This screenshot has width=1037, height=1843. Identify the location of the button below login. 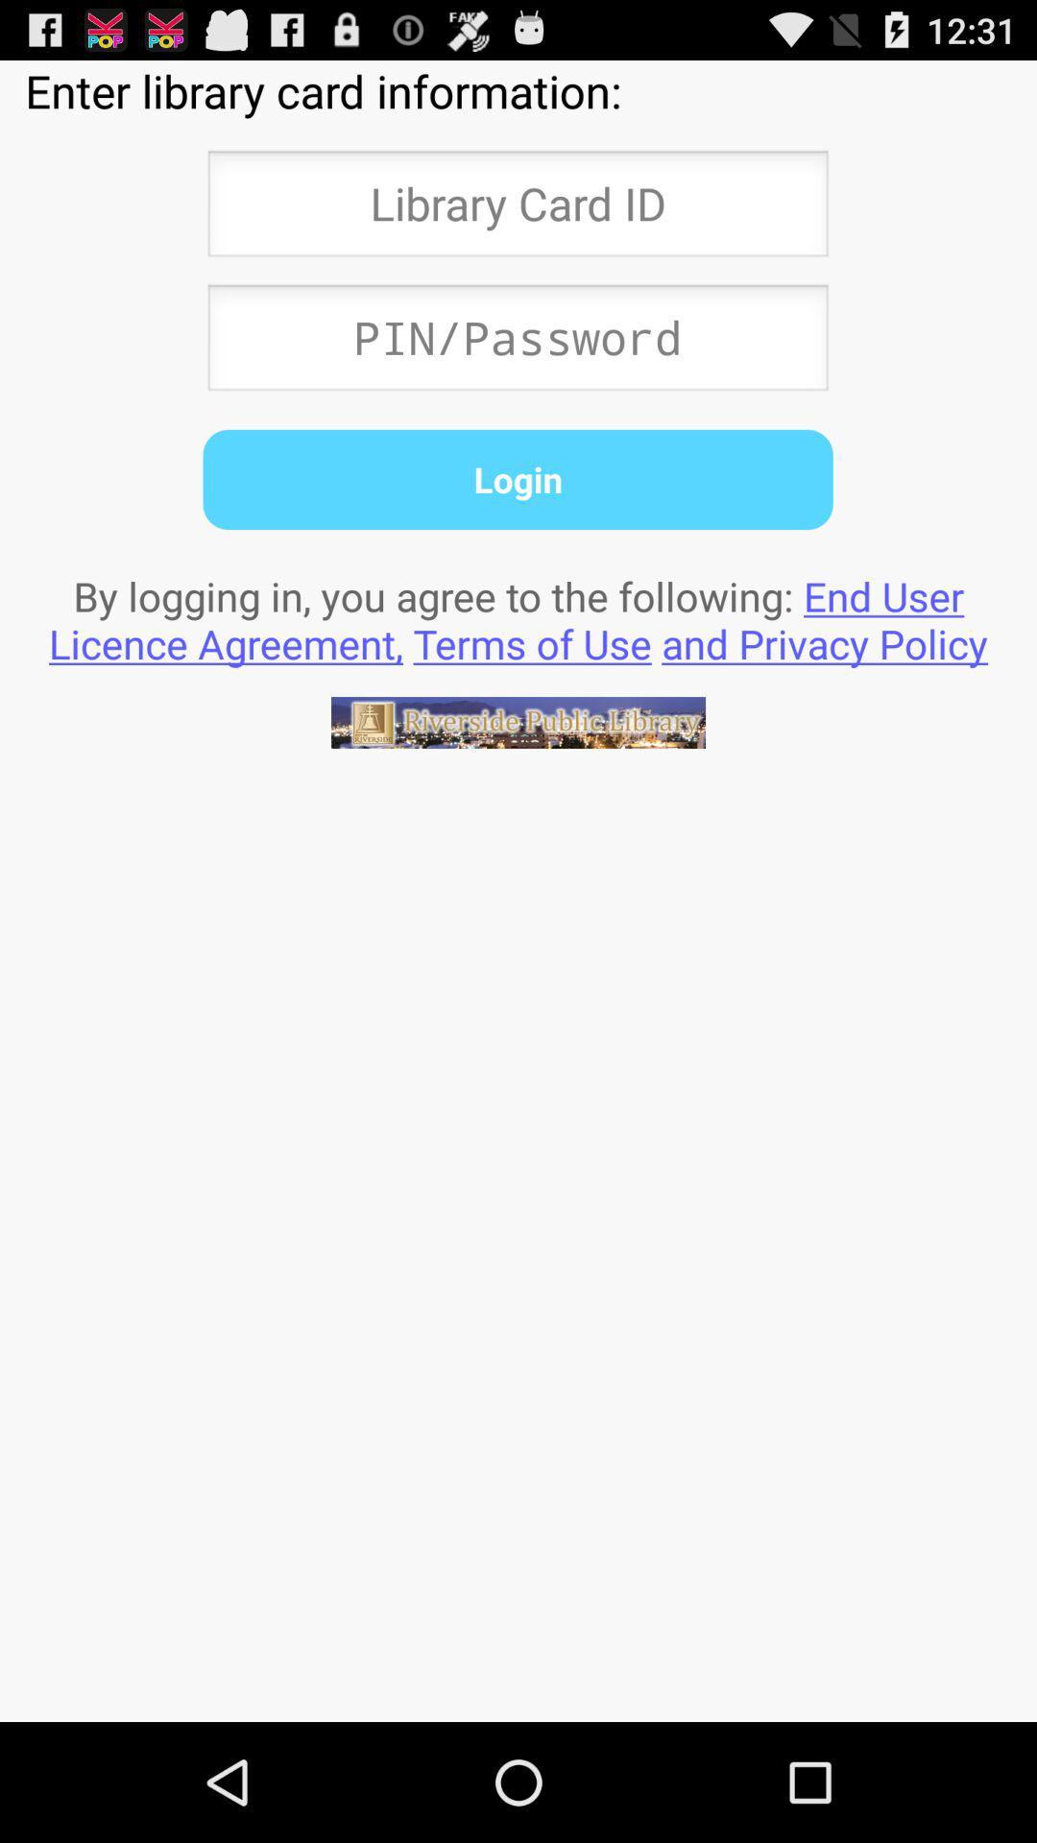
(518, 619).